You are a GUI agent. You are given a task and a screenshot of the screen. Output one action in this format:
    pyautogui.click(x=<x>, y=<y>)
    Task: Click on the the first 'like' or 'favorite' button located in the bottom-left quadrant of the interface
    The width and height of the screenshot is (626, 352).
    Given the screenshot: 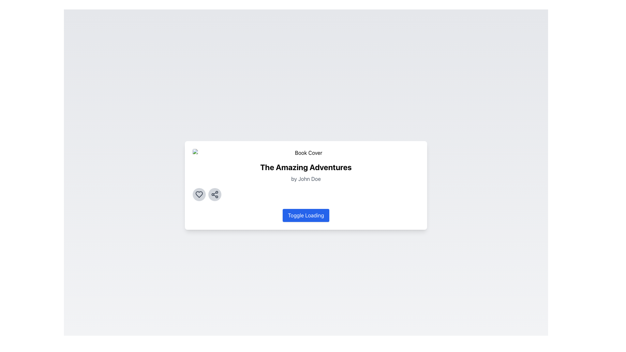 What is the action you would take?
    pyautogui.click(x=199, y=194)
    